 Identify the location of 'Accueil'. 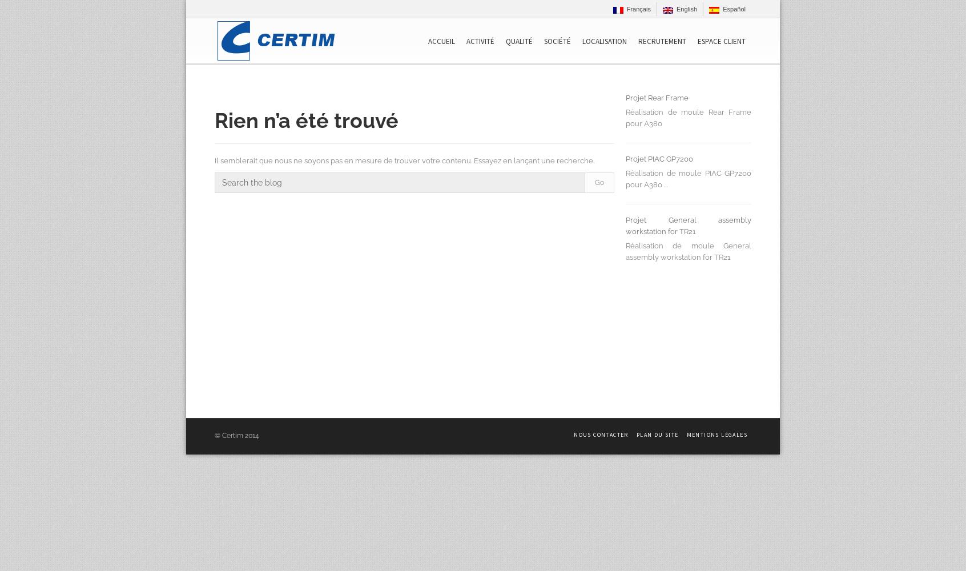
(428, 41).